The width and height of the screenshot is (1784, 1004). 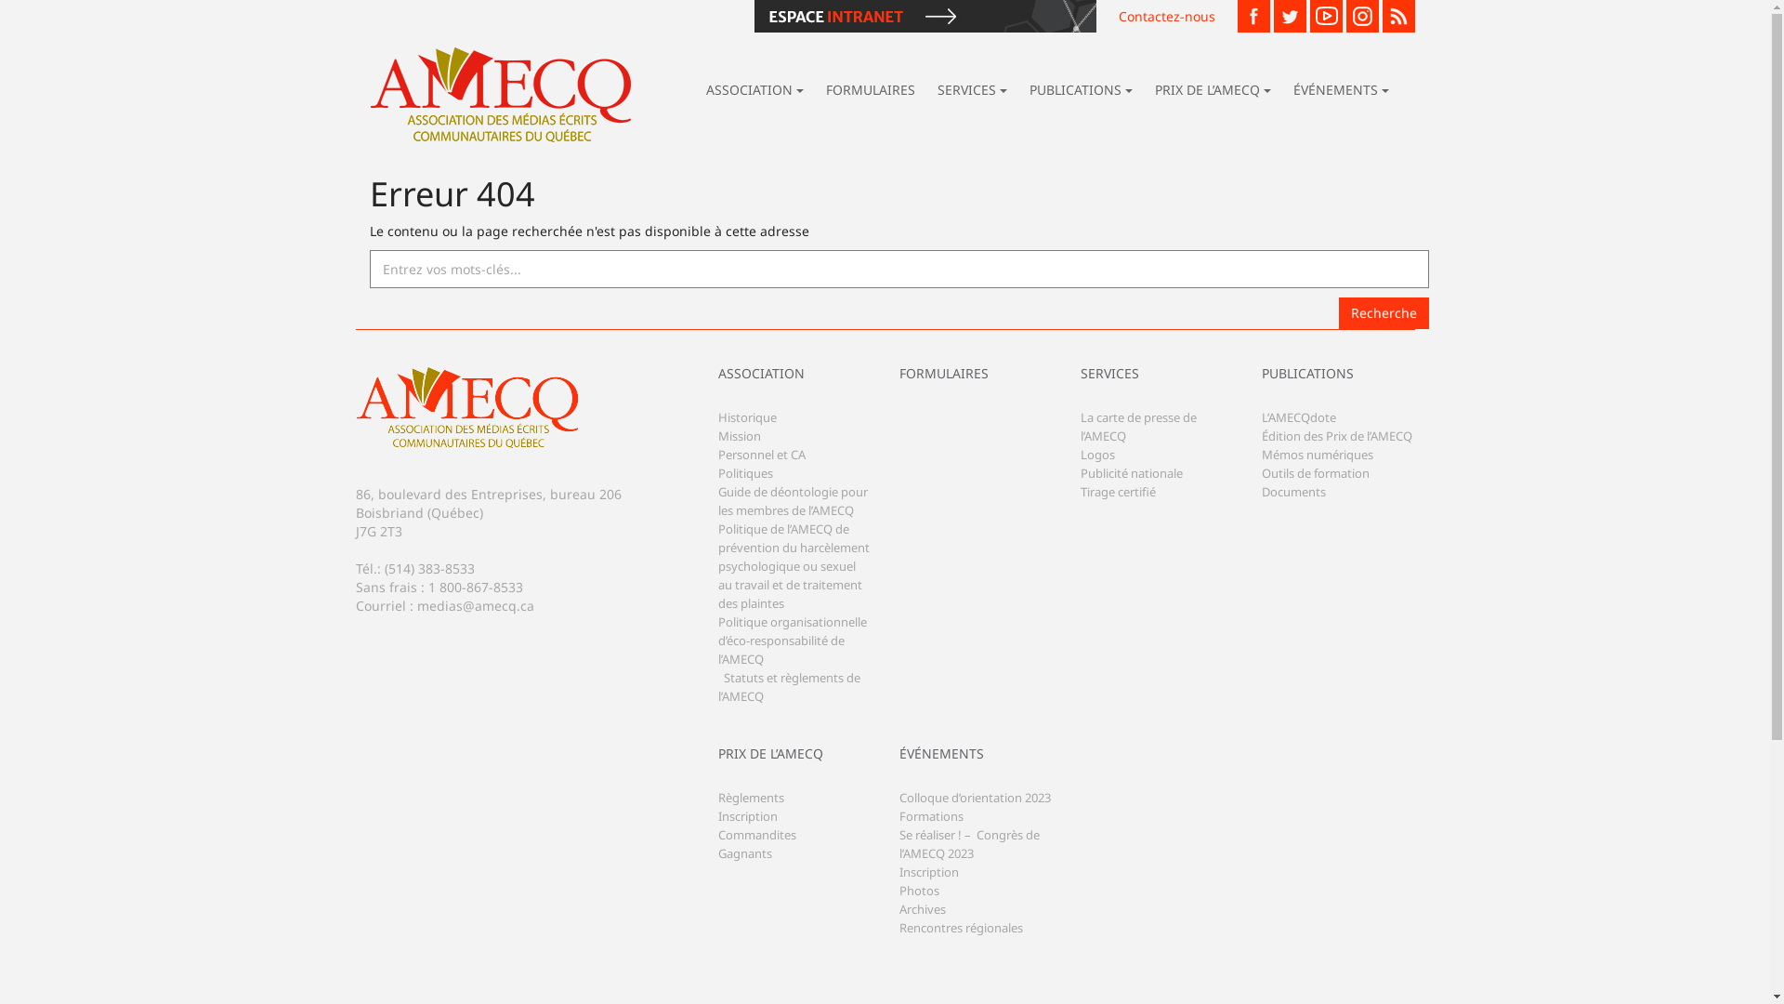 I want to click on 'Logos', so click(x=1096, y=468).